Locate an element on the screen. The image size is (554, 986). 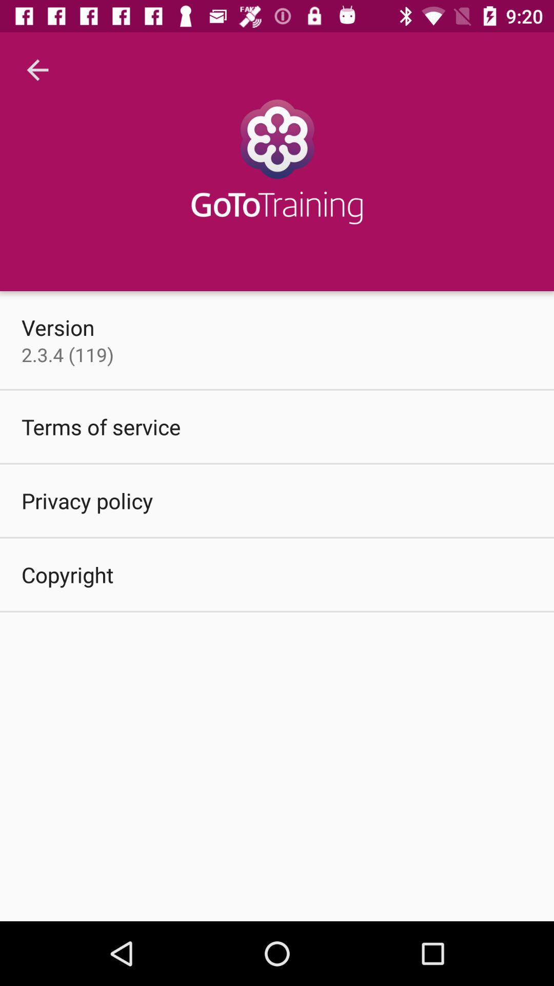
item below 2 3 4 item is located at coordinates (101, 426).